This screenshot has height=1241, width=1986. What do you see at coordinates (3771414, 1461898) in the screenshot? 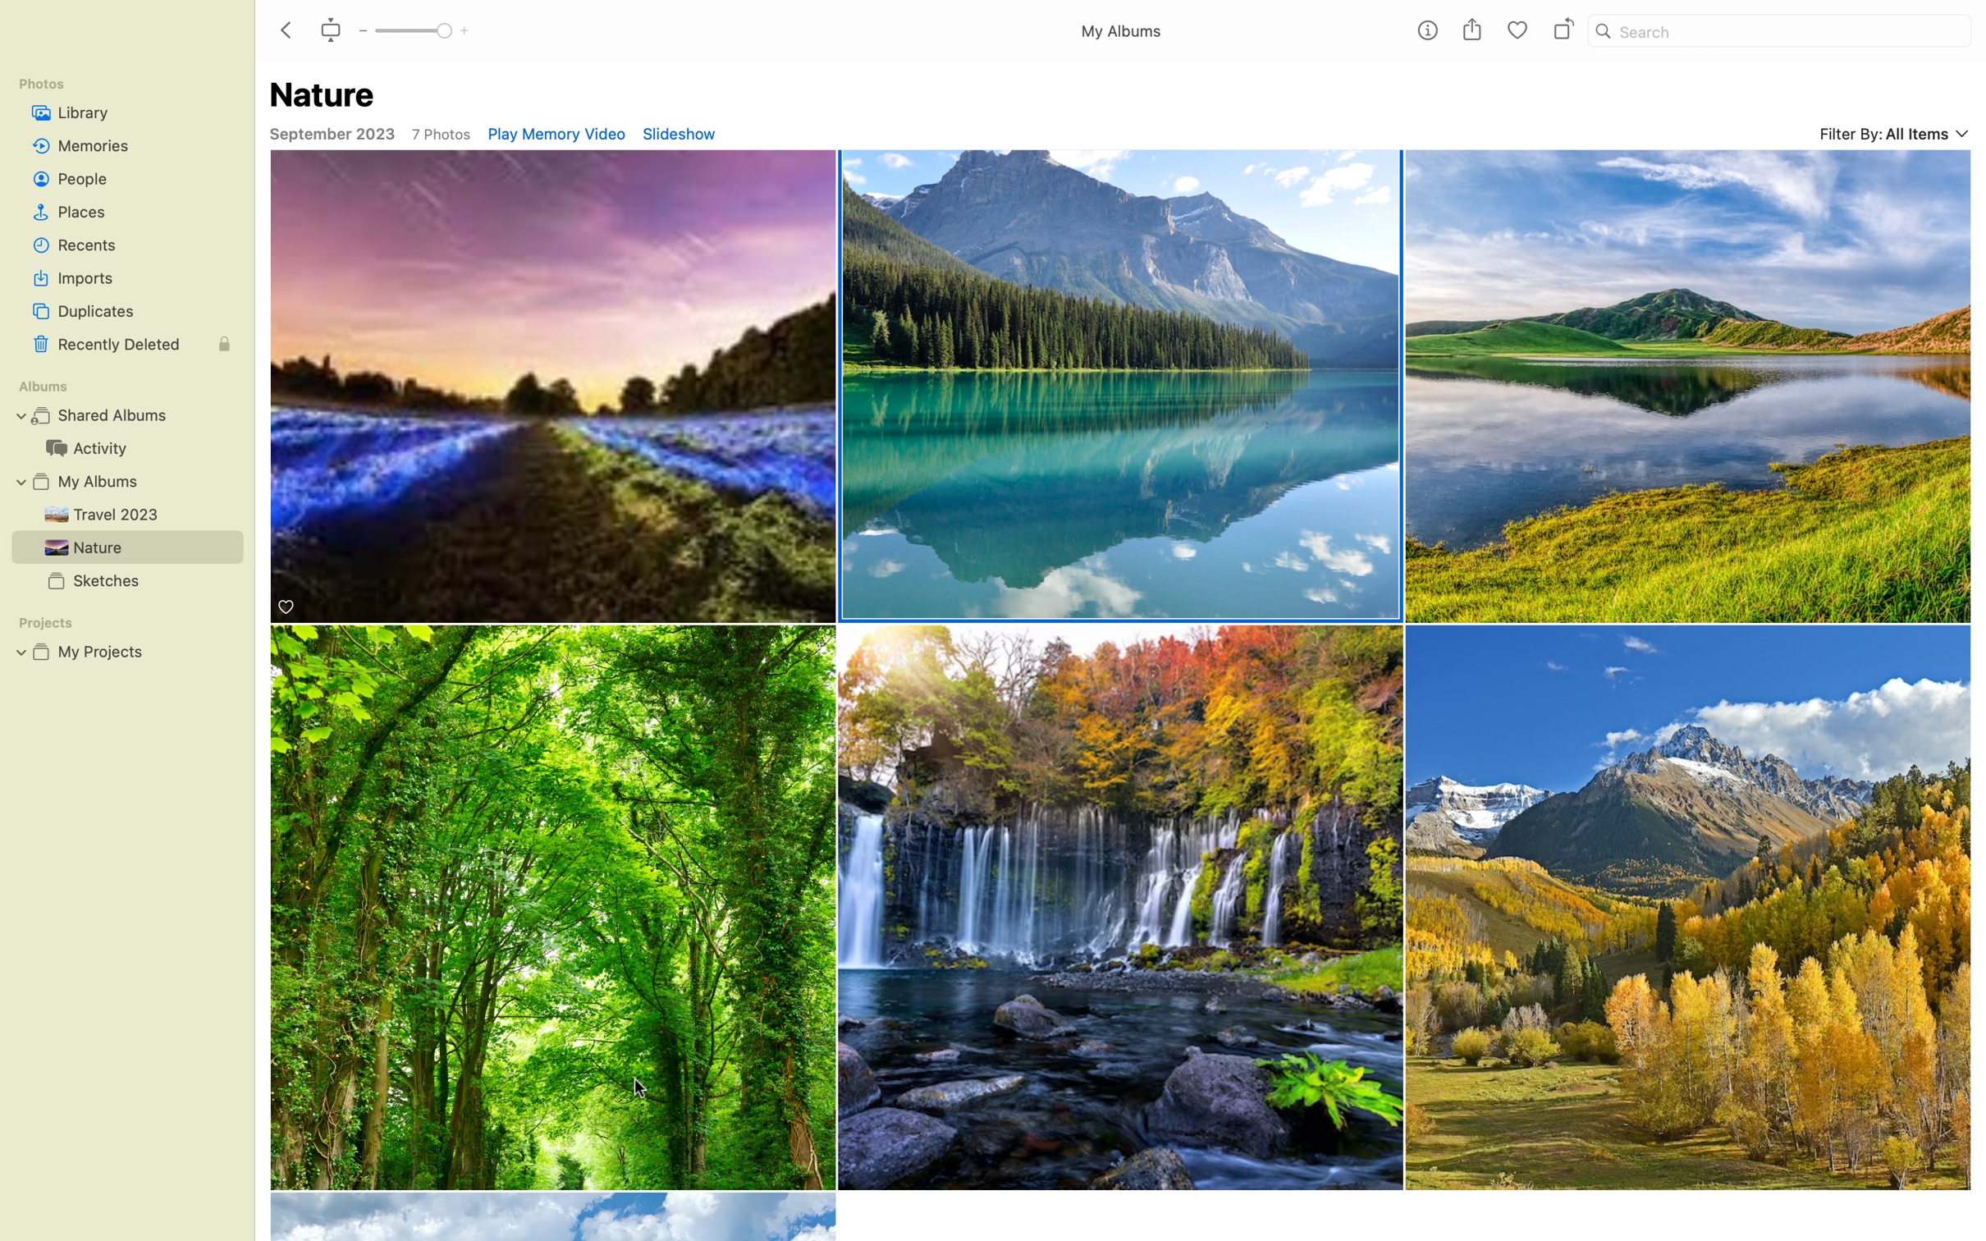
I see `Get to the header of the webpage` at bounding box center [3771414, 1461898].